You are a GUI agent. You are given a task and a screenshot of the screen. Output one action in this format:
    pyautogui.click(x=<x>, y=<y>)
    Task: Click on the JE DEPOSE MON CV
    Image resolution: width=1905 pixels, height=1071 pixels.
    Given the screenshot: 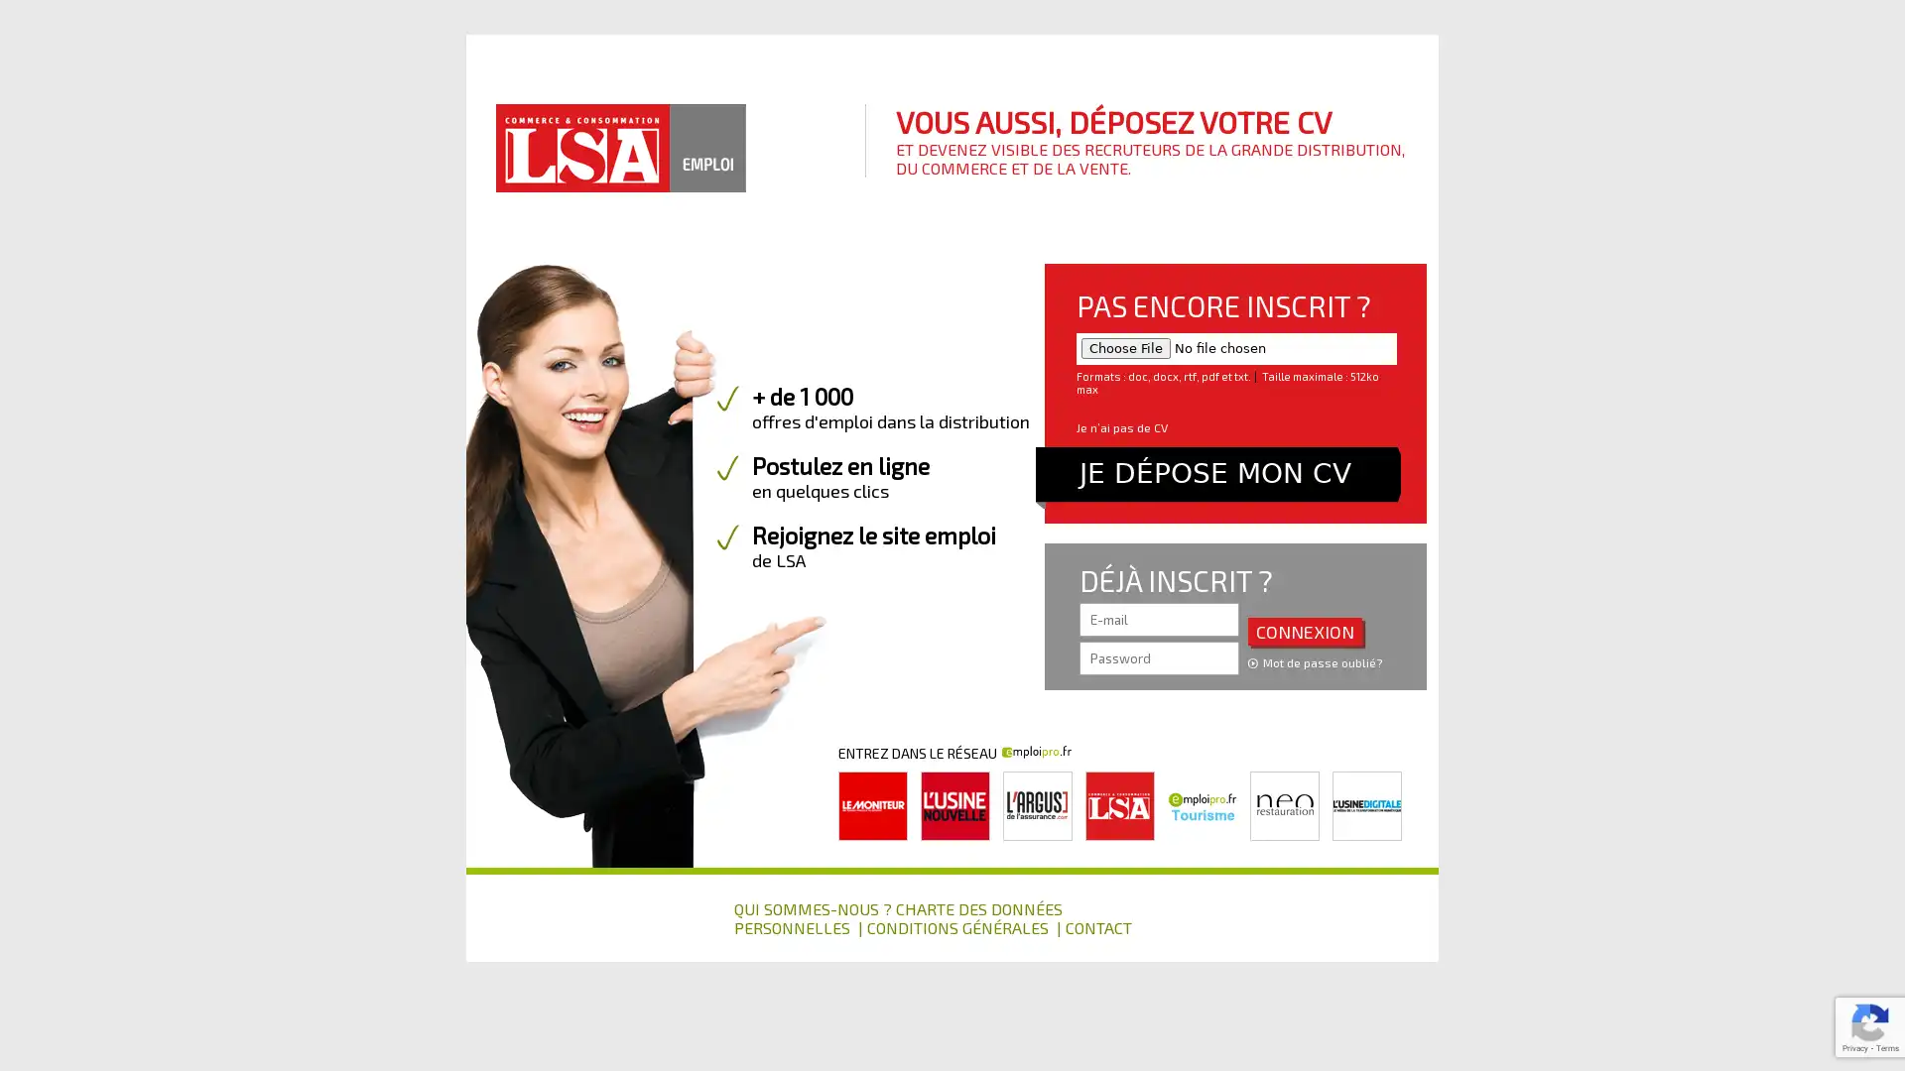 What is the action you would take?
    pyautogui.click(x=1215, y=477)
    